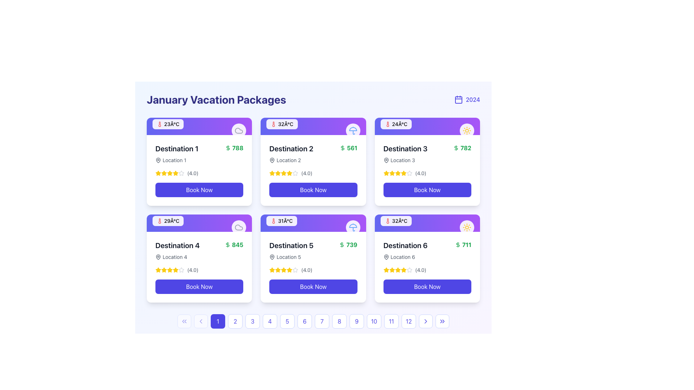 This screenshot has width=694, height=390. I want to click on the third star in the rating section of the card for 'Destination 1', which visually indicates a rating, so click(164, 173).